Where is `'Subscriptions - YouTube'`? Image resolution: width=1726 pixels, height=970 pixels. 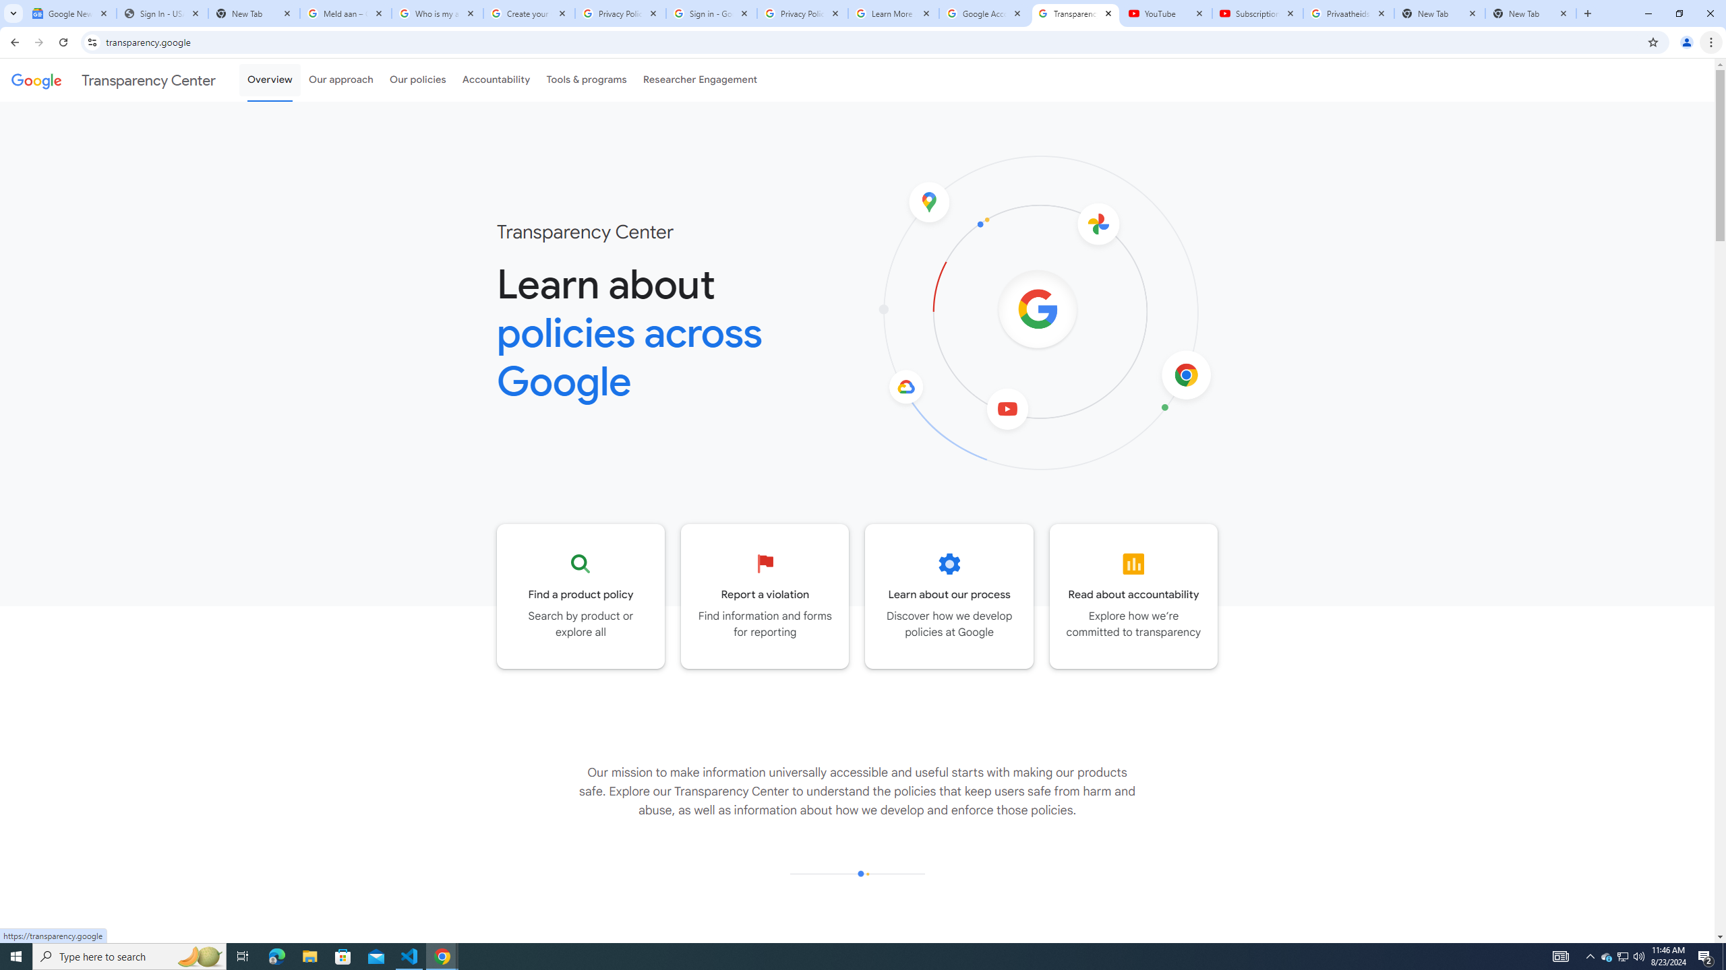 'Subscriptions - YouTube' is located at coordinates (1258, 13).